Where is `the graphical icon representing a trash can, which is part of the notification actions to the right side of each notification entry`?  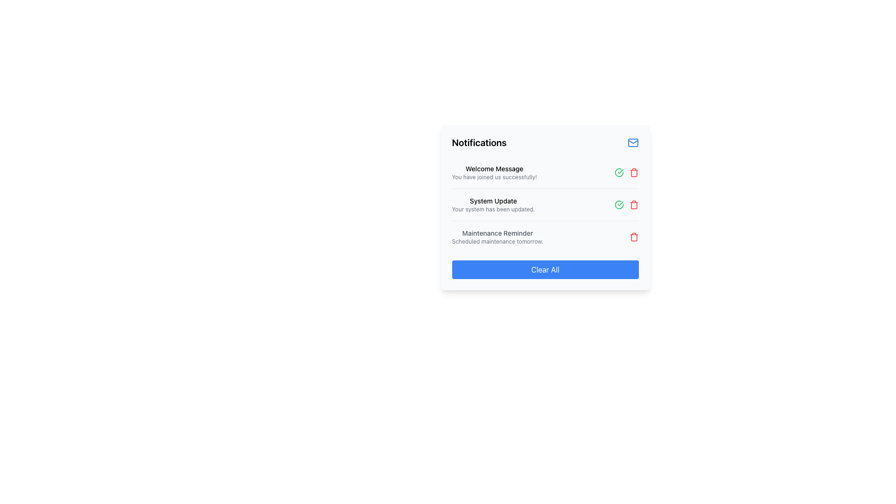
the graphical icon representing a trash can, which is part of the notification actions to the right side of each notification entry is located at coordinates (634, 237).